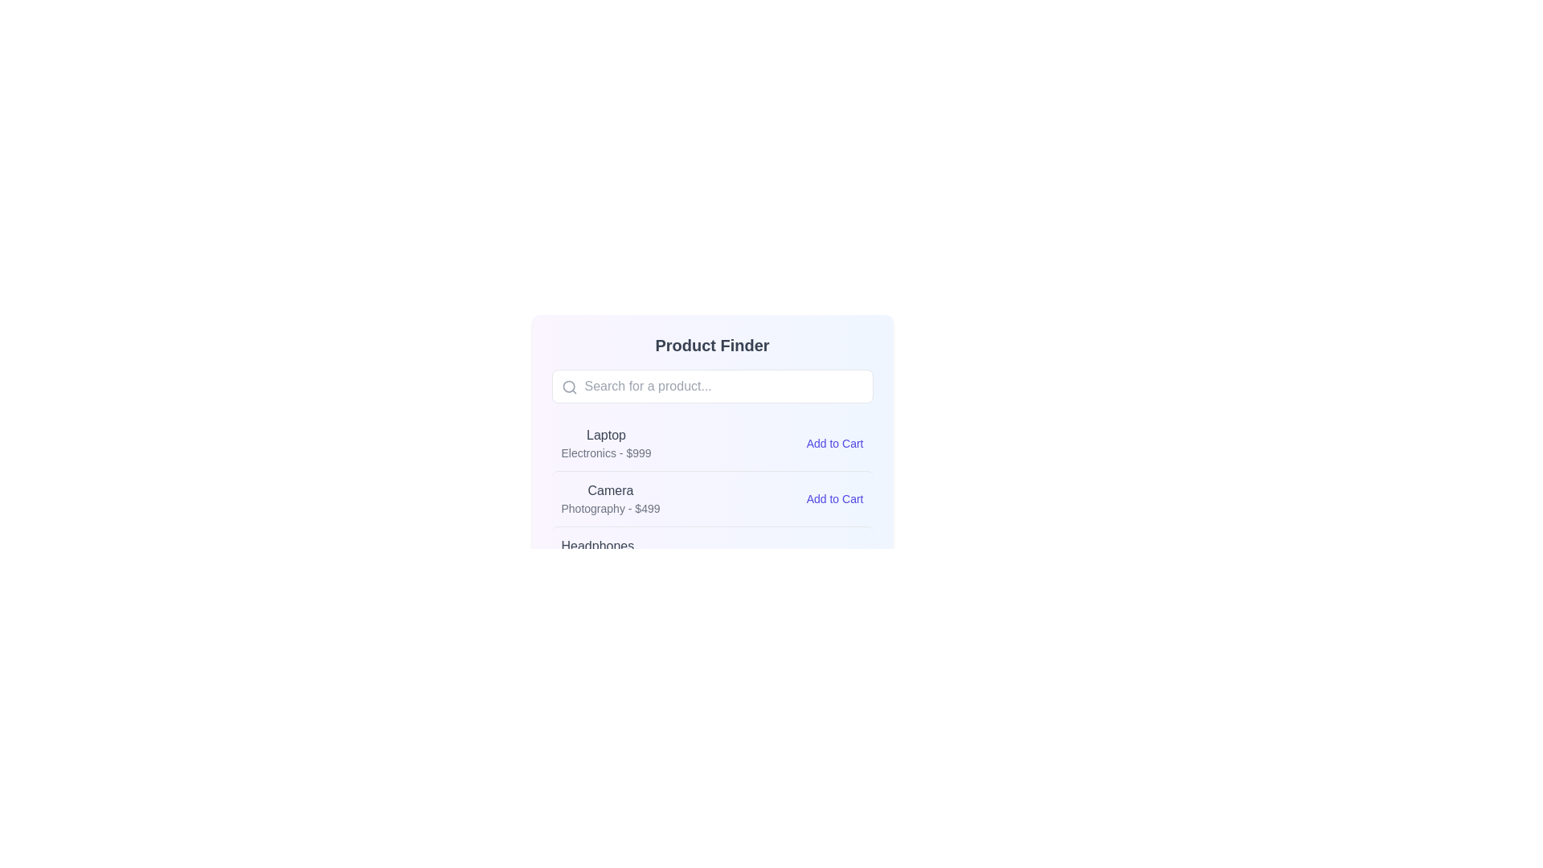 This screenshot has height=868, width=1543. I want to click on the text label that serves as the title for the product named 'Camera', located in the 'Product Finder' interface between the 'Laptop' and 'Headphones' entries, so click(609, 489).